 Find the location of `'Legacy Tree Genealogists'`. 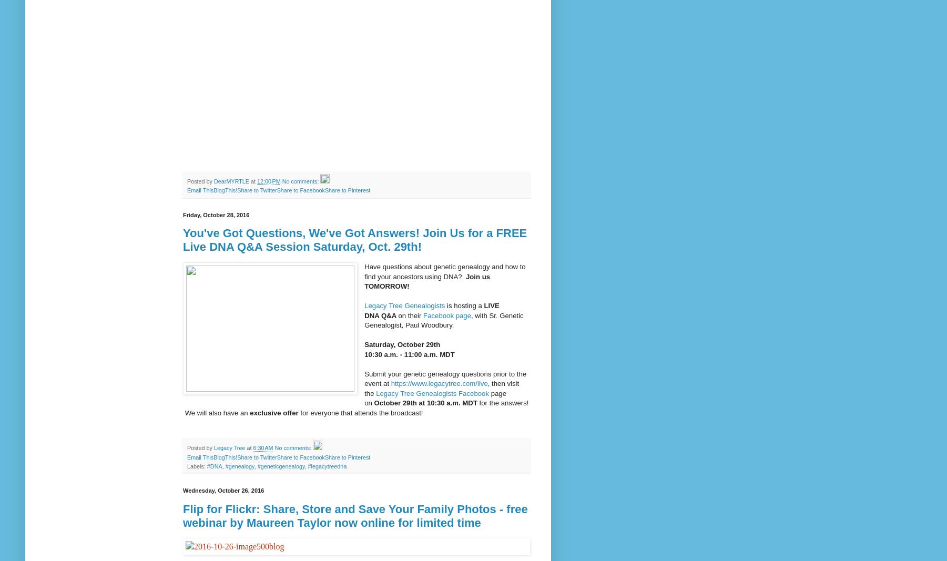

'Legacy Tree Genealogists' is located at coordinates (404, 305).